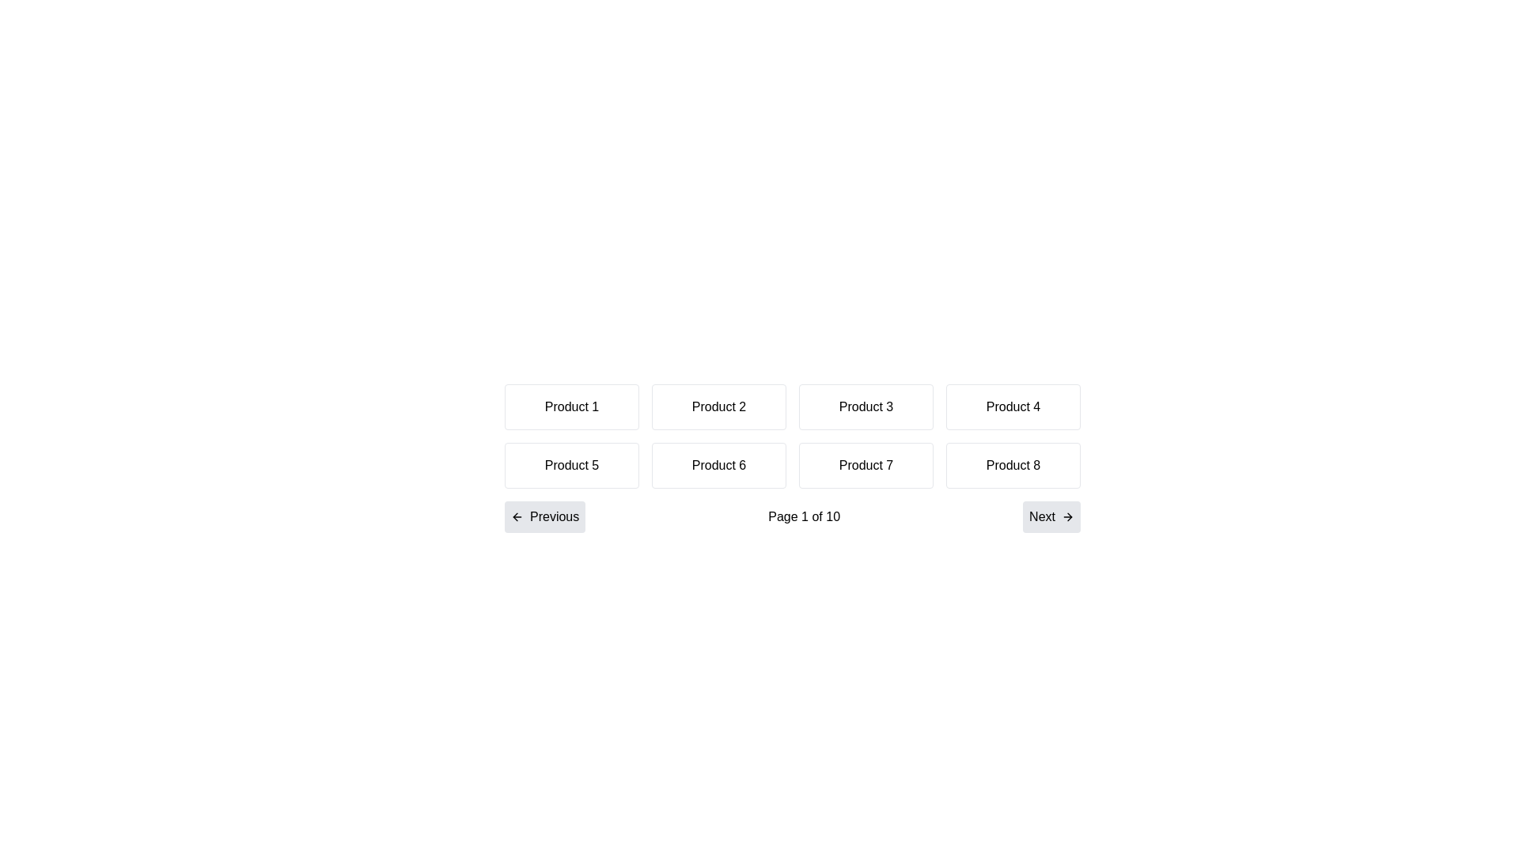  I want to click on the 'Previous' button text label in the pagination control, so click(555, 517).